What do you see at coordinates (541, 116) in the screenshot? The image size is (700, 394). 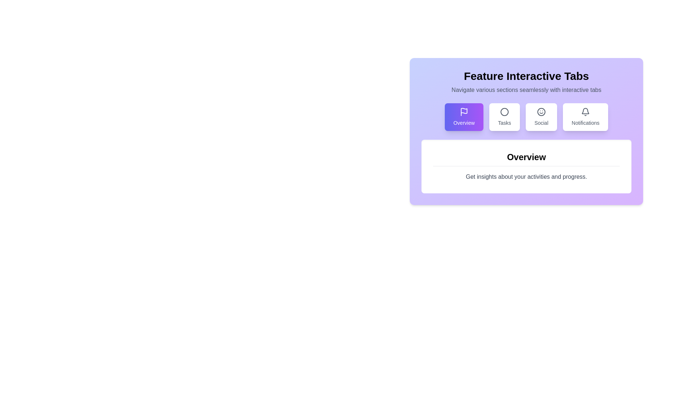 I see `the 'Social' button, which is a rounded rectangular card with a smiley face icon and labeled in gray font` at bounding box center [541, 116].